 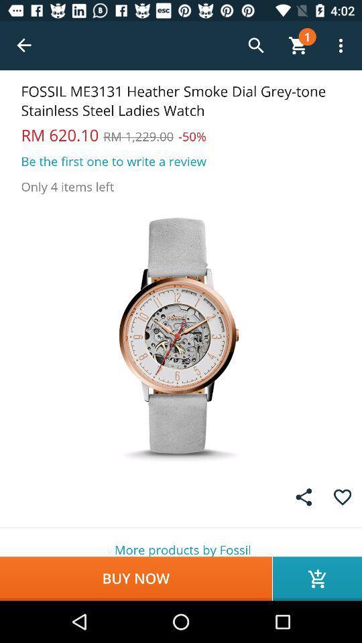 I want to click on the item above the fossil me3131 heather, so click(x=24, y=46).